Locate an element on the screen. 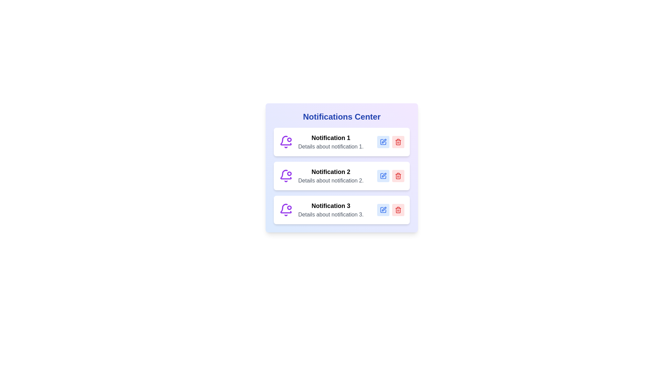 This screenshot has width=653, height=367. the SVG Icon Button located in the top-right corner of the notification card for 'Notification 3' to initiate editing is located at coordinates (383, 209).